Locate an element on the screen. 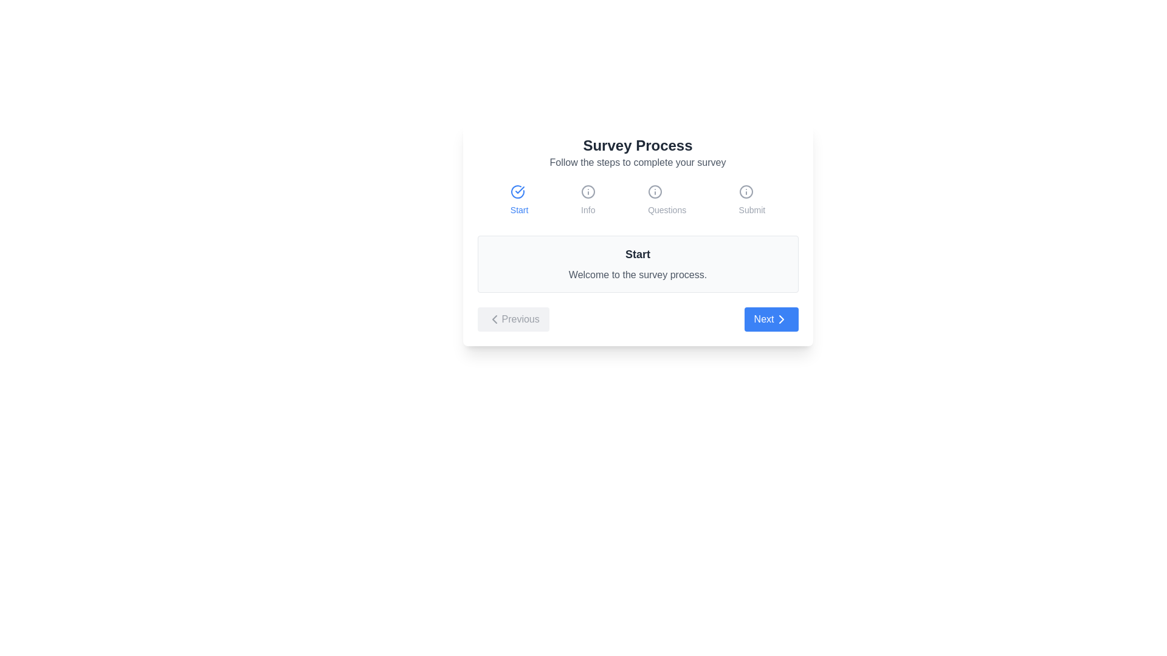  the circular icon with a checkmark inside, which signifies a 'completed' or 'success' indicator, located at the top left of the 'Survey Process' panel in the 'Start' step section is located at coordinates (517, 191).